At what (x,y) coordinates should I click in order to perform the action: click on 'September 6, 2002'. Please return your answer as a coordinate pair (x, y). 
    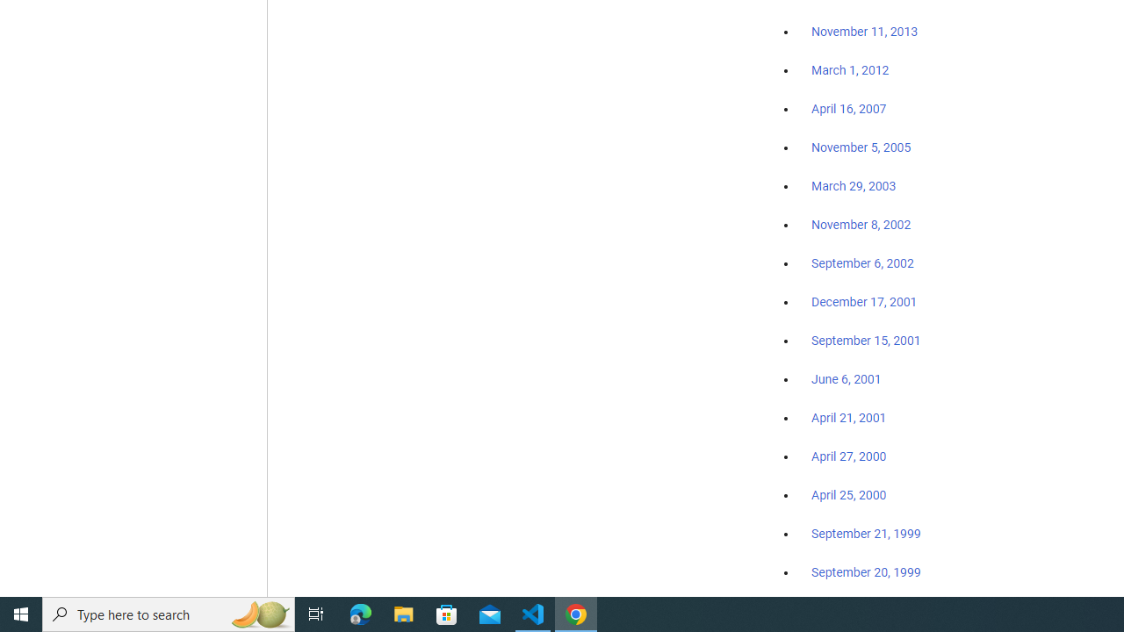
    Looking at the image, I should click on (862, 262).